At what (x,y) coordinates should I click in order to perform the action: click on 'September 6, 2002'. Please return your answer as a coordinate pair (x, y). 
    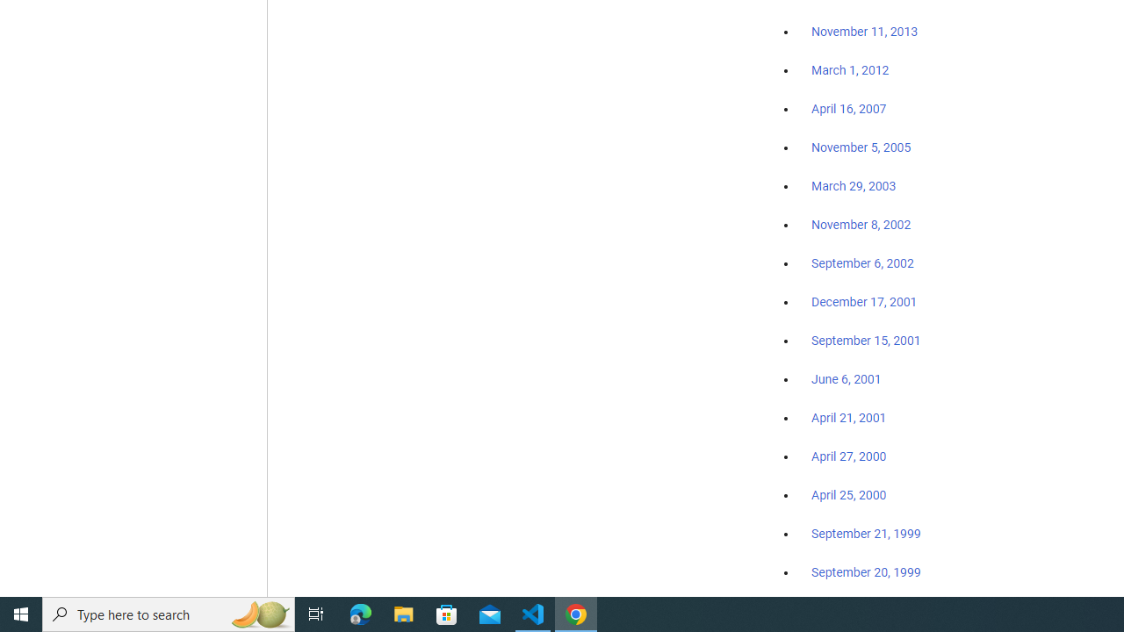
    Looking at the image, I should click on (862, 262).